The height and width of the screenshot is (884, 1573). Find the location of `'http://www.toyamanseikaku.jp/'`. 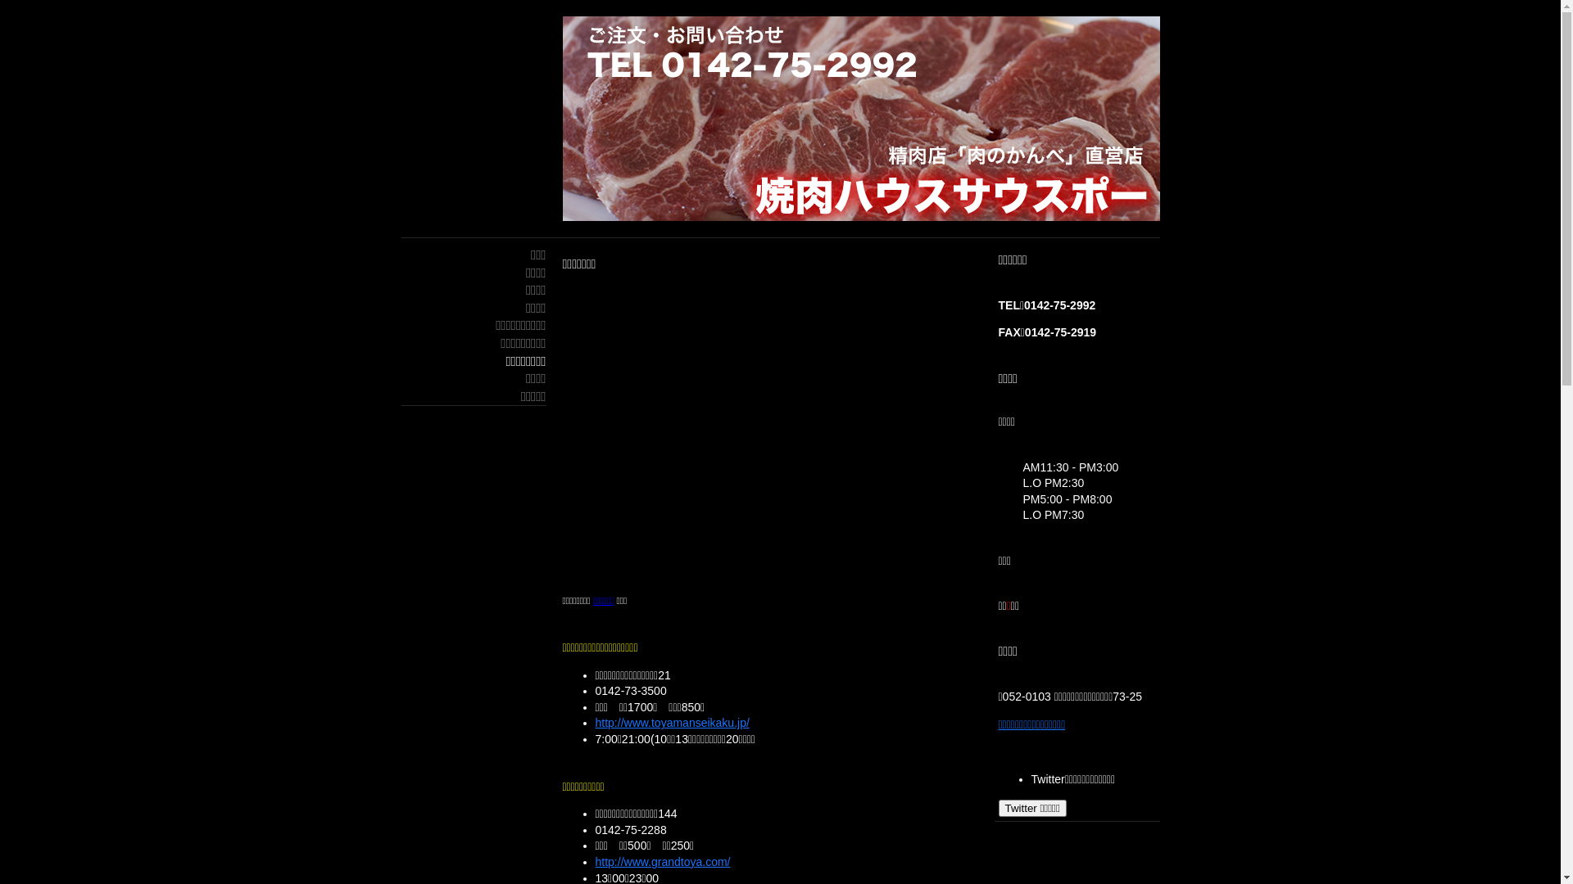

'http://www.toyamanseikaku.jp/' is located at coordinates (672, 722).